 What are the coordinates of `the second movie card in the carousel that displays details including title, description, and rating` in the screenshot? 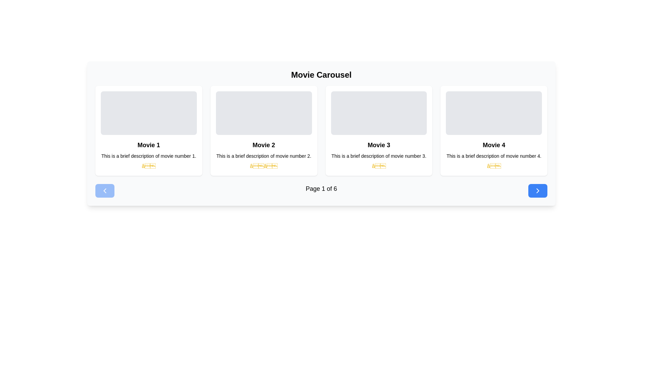 It's located at (263, 131).